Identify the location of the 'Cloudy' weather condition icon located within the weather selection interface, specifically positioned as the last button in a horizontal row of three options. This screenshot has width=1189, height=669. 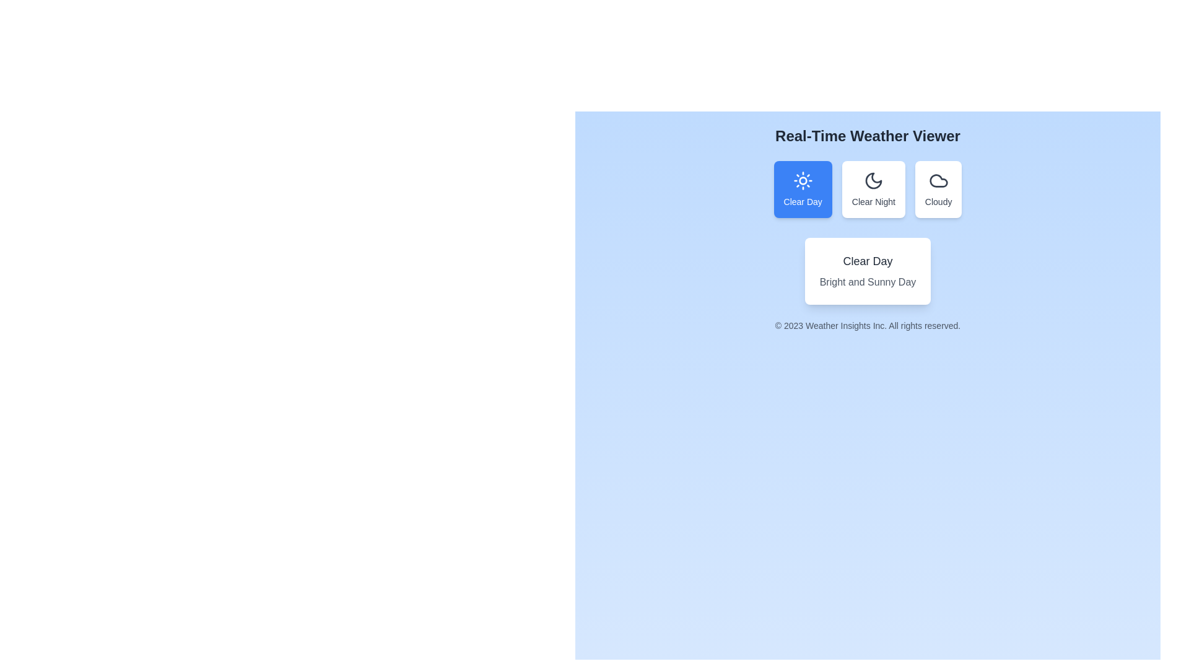
(938, 181).